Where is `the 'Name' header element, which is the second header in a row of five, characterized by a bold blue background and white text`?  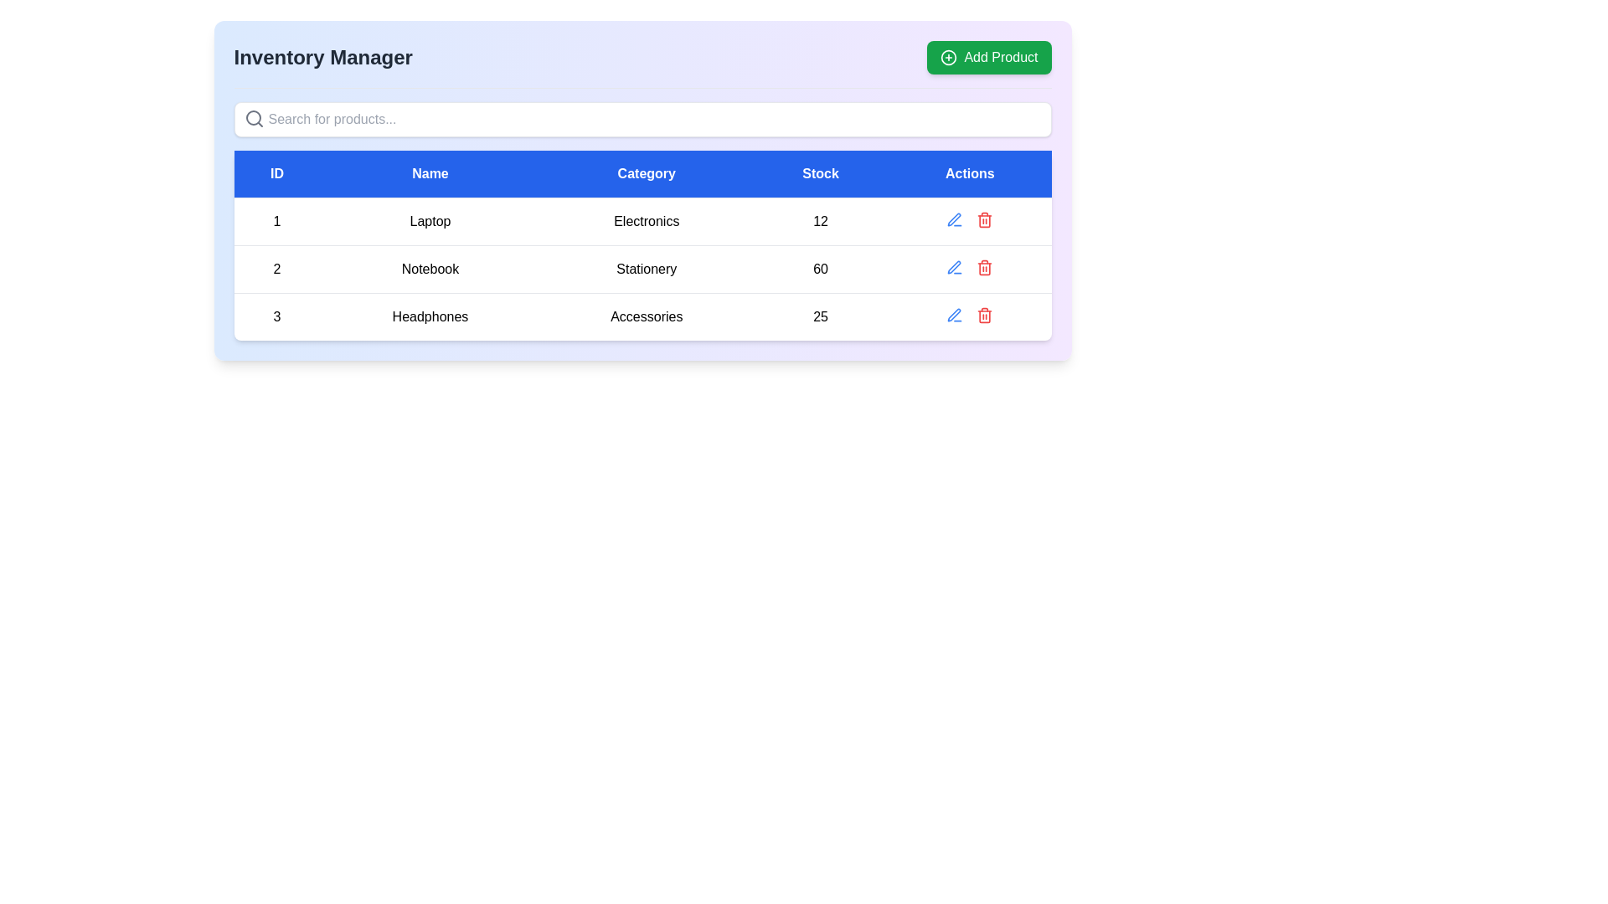
the 'Name' header element, which is the second header in a row of five, characterized by a bold blue background and white text is located at coordinates (430, 174).